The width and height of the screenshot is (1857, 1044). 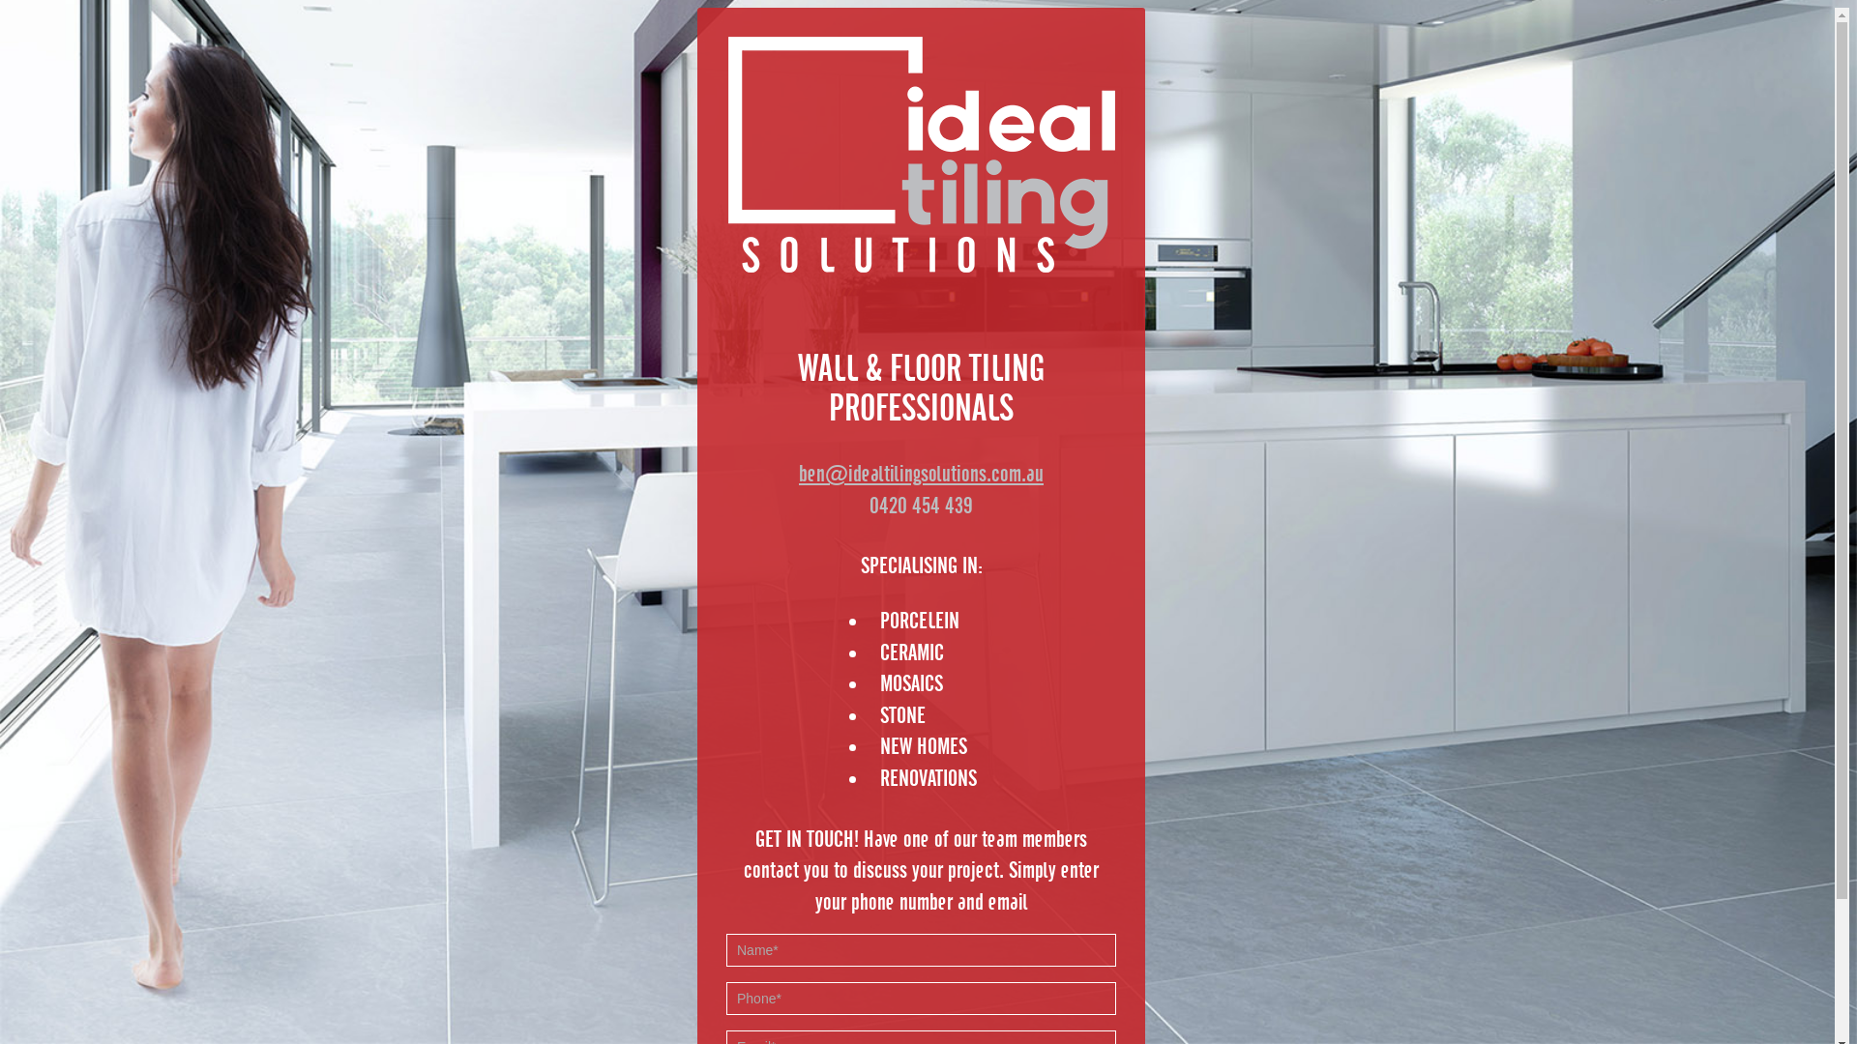 What do you see at coordinates (920, 473) in the screenshot?
I see `'ben@idealtilingsolutions.com.au'` at bounding box center [920, 473].